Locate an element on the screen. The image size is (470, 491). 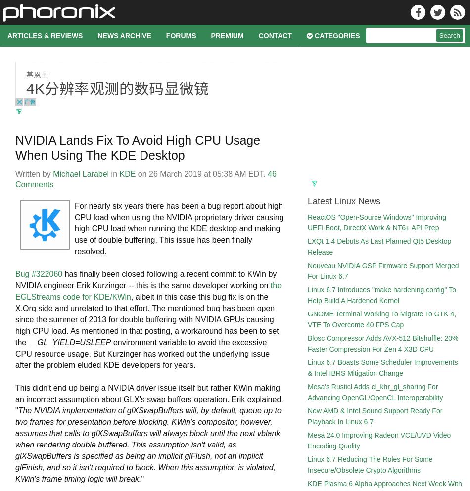
'in' is located at coordinates (114, 174).